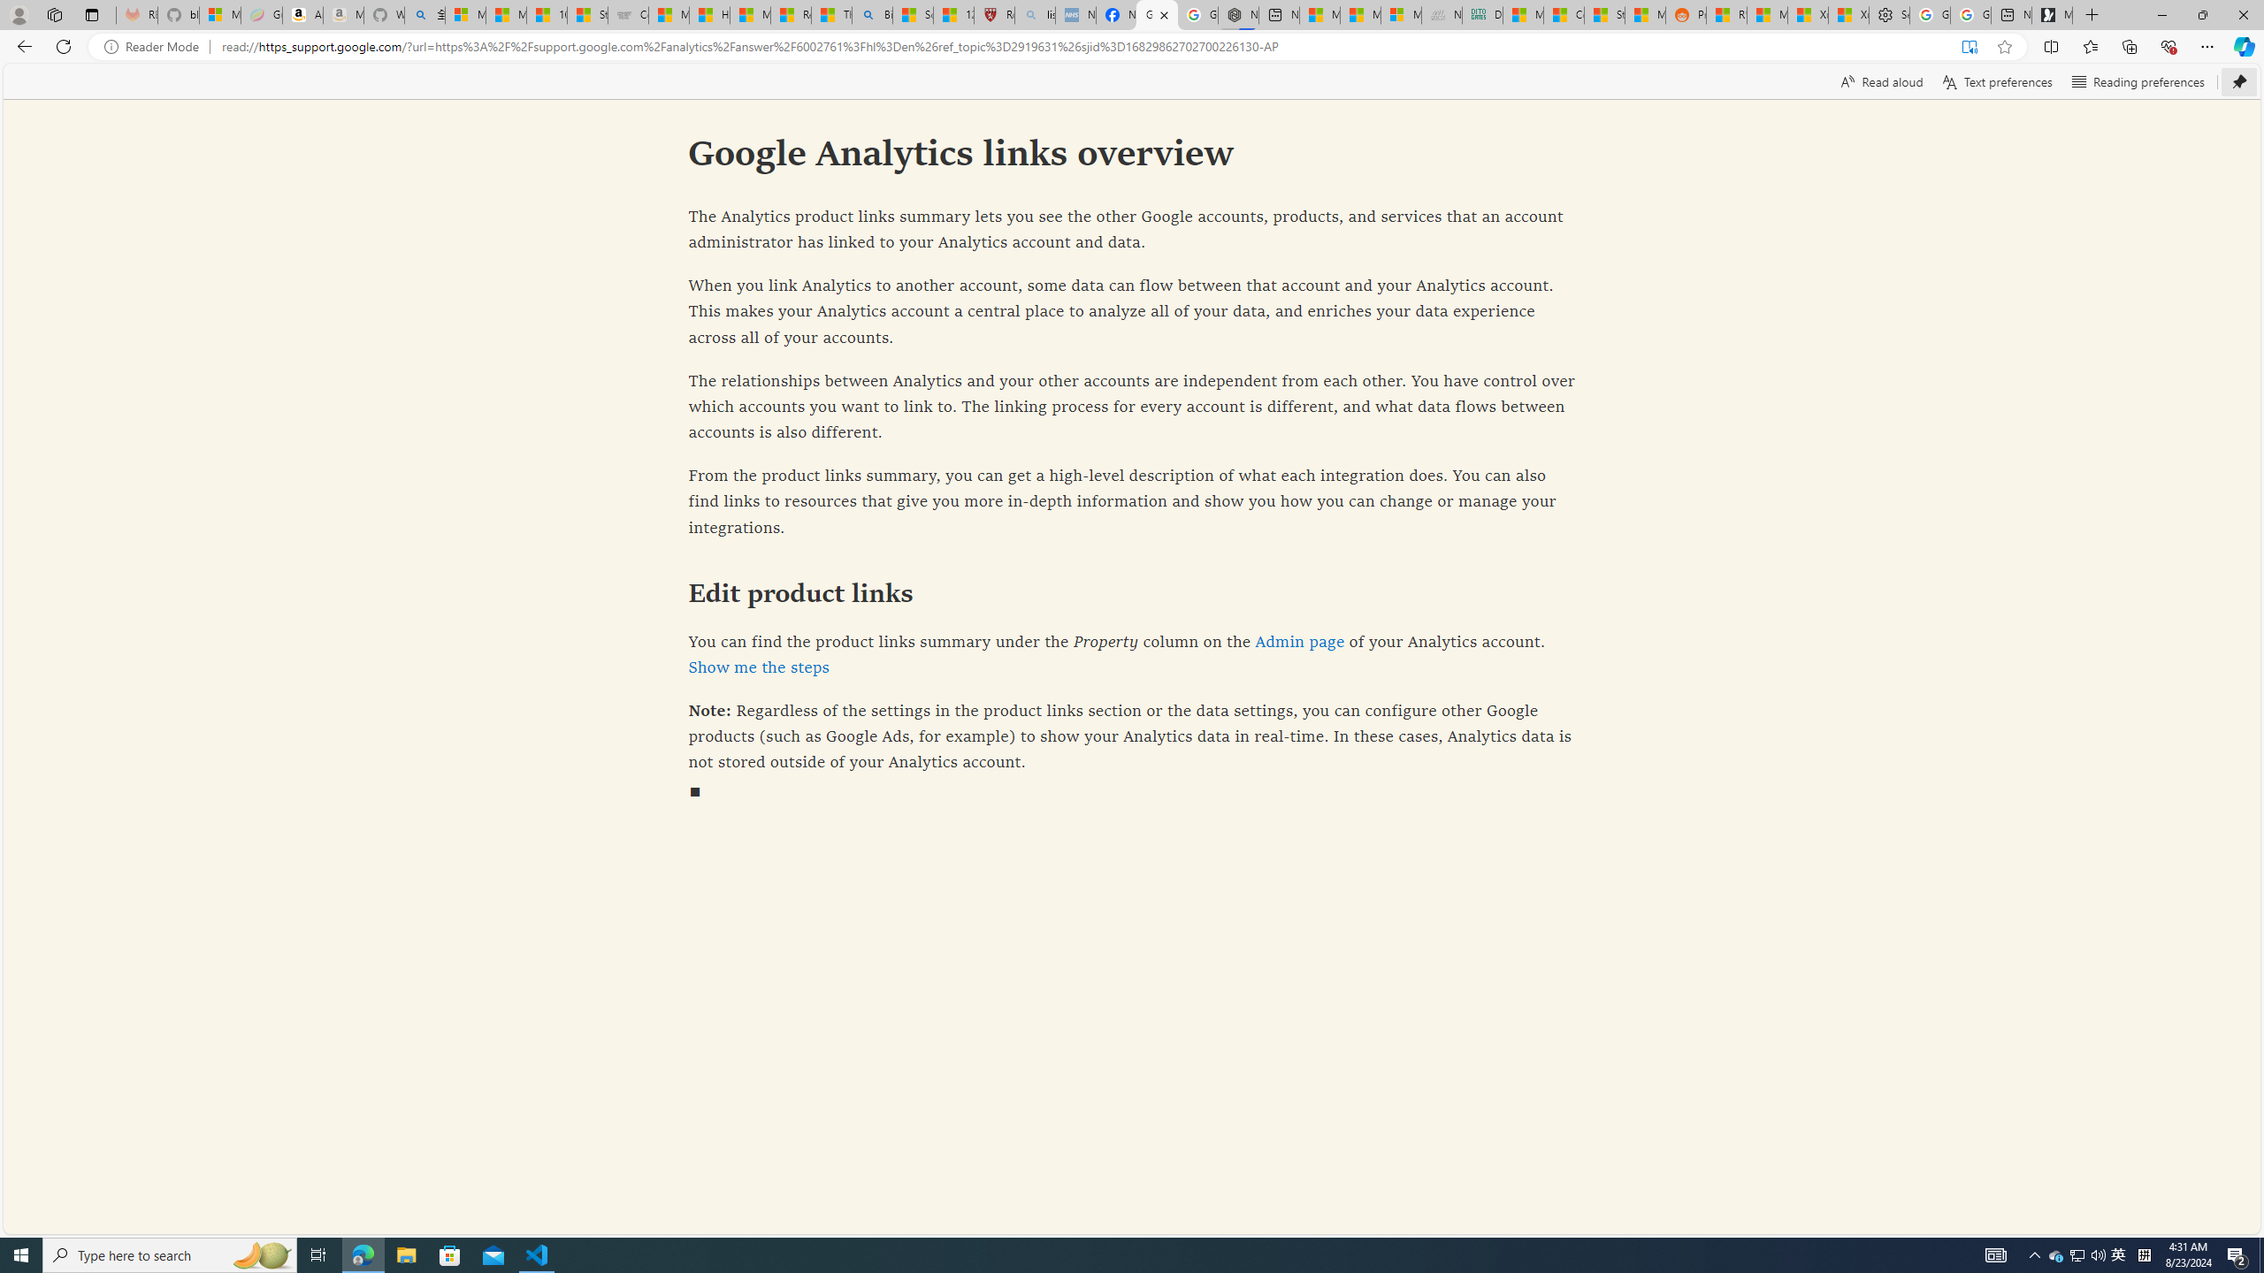 The image size is (2264, 1273). Describe the element at coordinates (1726, 14) in the screenshot. I see `'R******* | Trusted Community Engagement and Contributions'` at that location.